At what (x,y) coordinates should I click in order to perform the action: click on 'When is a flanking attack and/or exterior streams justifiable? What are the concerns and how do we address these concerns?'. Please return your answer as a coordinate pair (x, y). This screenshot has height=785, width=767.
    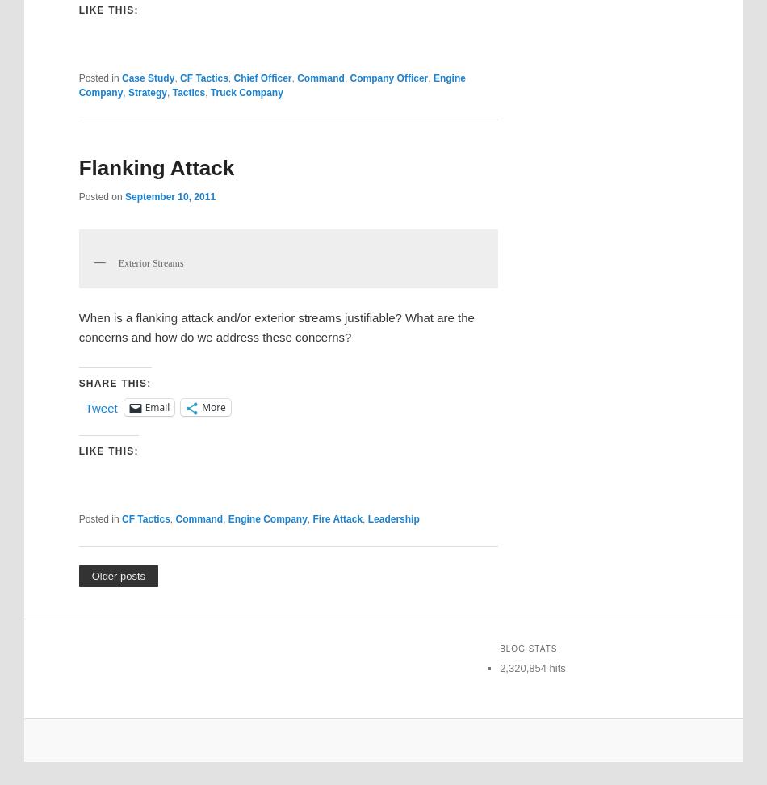
    Looking at the image, I should click on (275, 327).